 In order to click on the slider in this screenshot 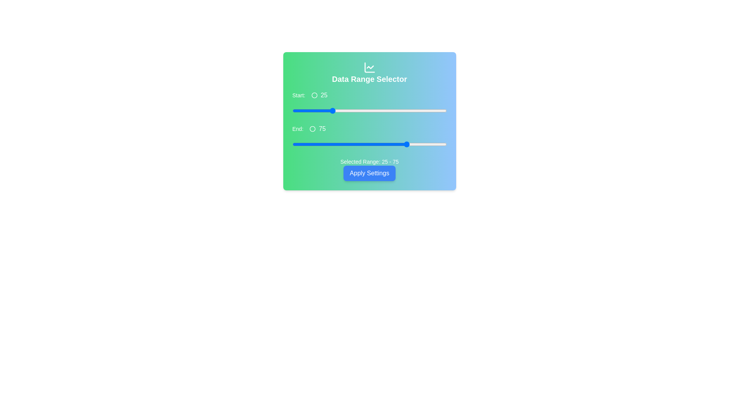, I will do `click(312, 110)`.